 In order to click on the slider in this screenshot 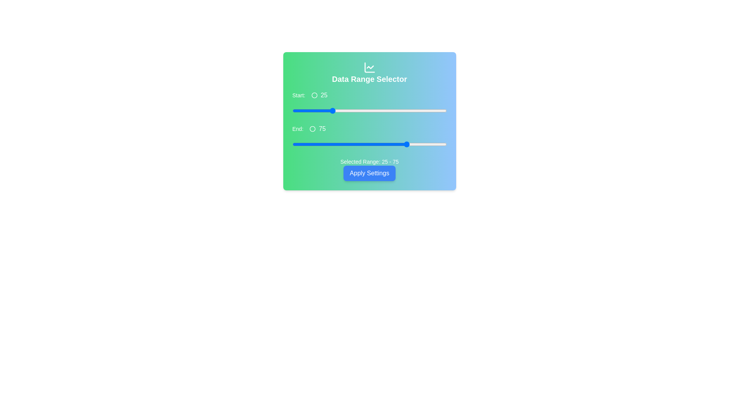, I will do `click(312, 110)`.